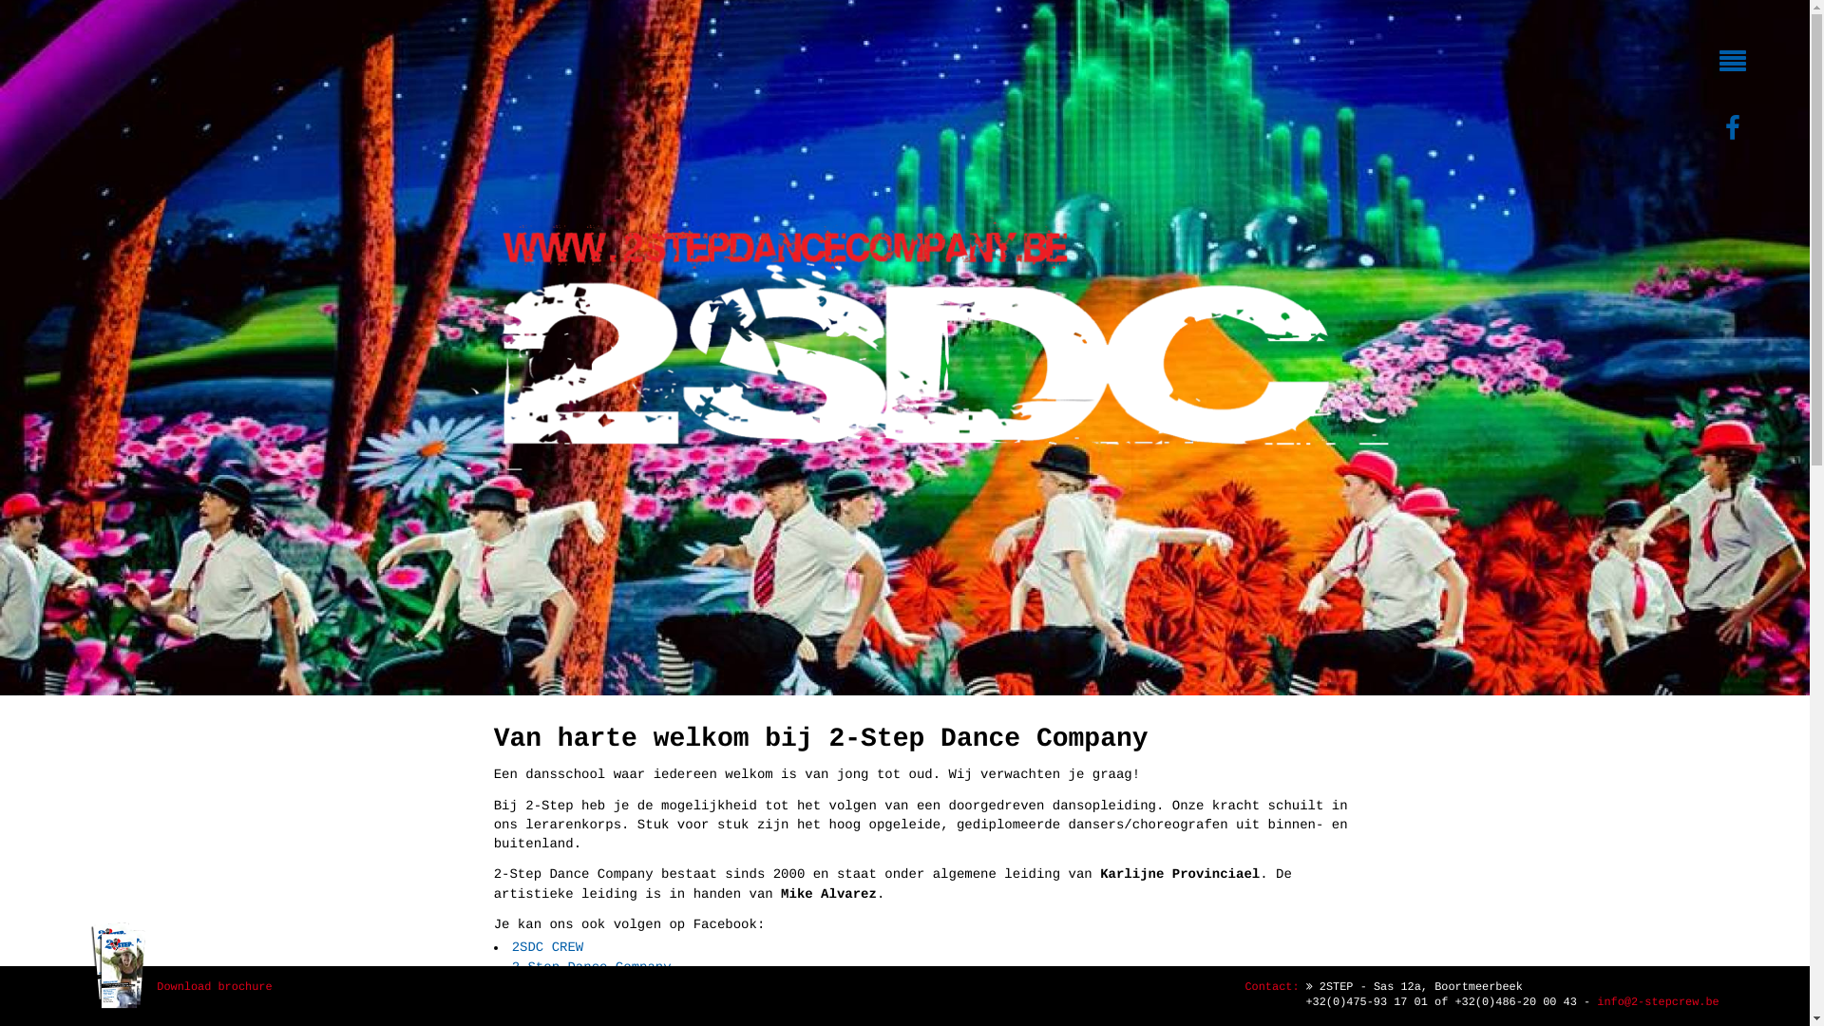 Image resolution: width=1824 pixels, height=1026 pixels. Describe the element at coordinates (591, 967) in the screenshot. I see `'2-Step Dance Company'` at that location.